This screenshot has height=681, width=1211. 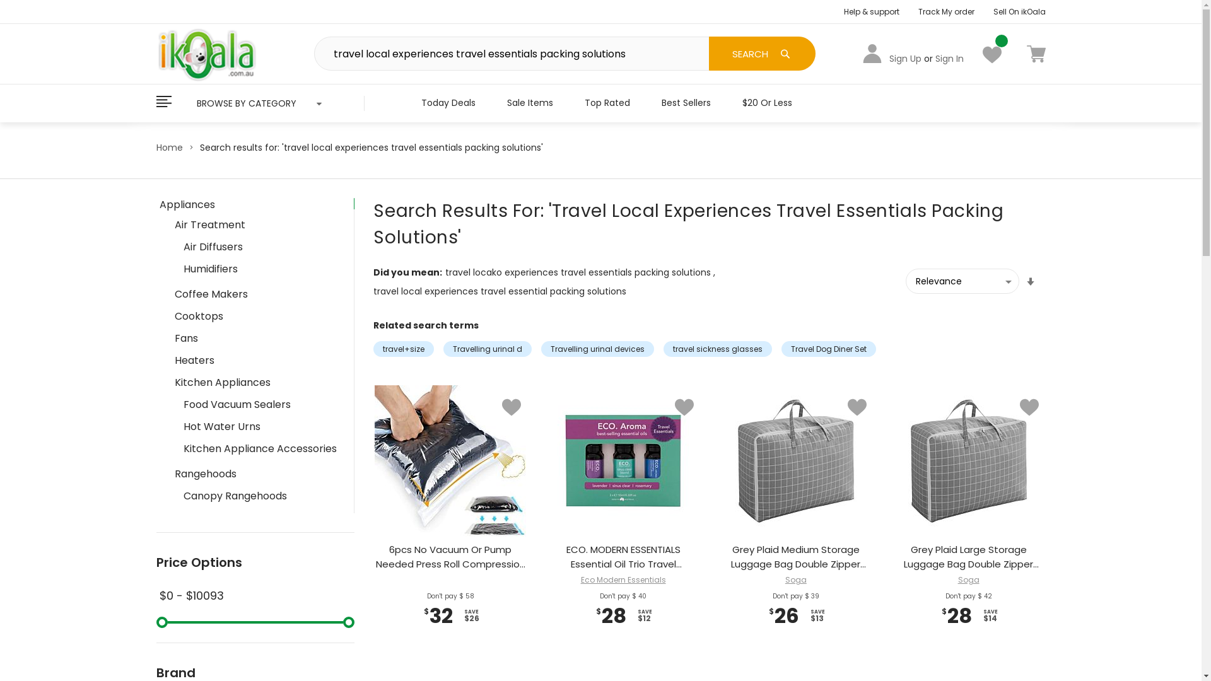 I want to click on 'travel sickness glasses', so click(x=717, y=349).